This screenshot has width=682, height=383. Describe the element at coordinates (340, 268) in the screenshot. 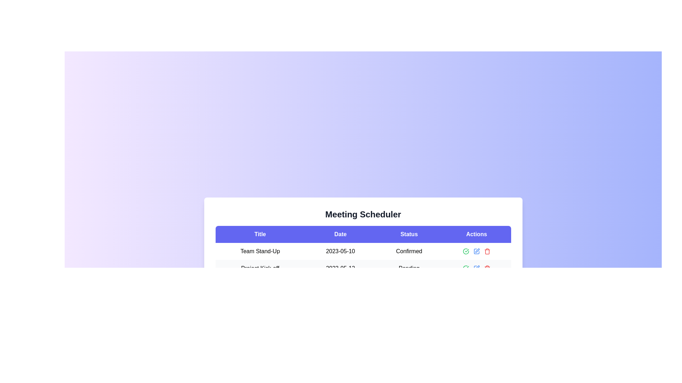

I see `the date element (2023-05-12) in the second row of the Meeting Scheduler table, which indicates the project's due date` at that location.